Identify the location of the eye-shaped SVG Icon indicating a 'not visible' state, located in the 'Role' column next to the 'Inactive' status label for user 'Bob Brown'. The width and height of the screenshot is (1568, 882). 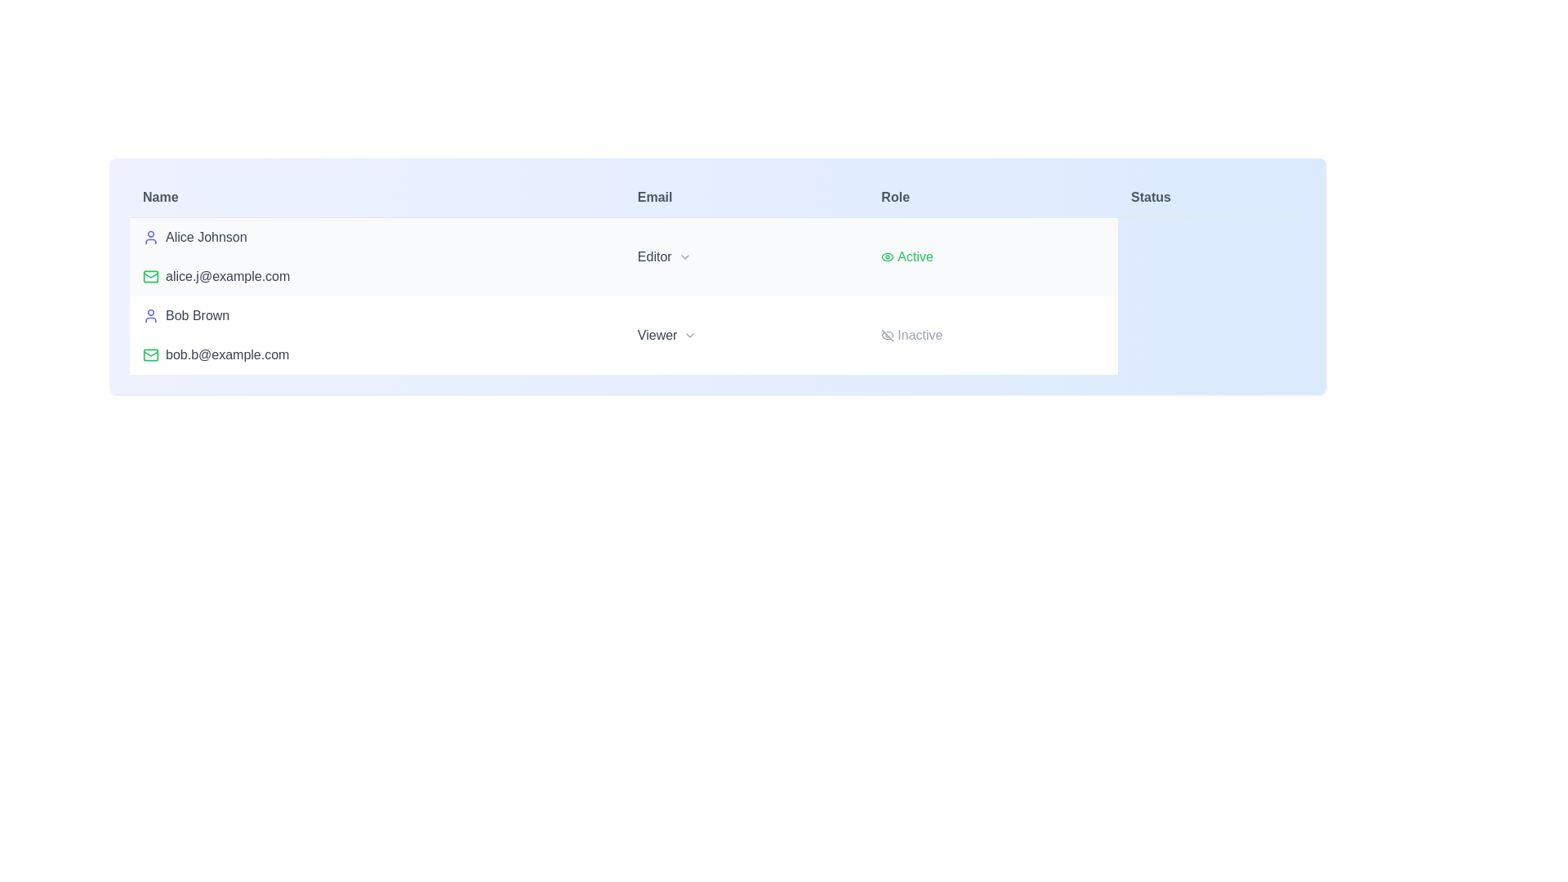
(887, 335).